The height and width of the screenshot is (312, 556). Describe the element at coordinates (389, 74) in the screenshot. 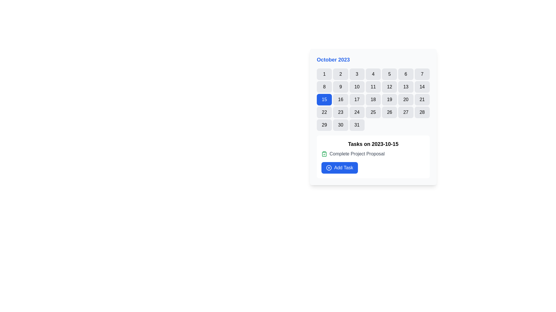

I see `the button` at that location.